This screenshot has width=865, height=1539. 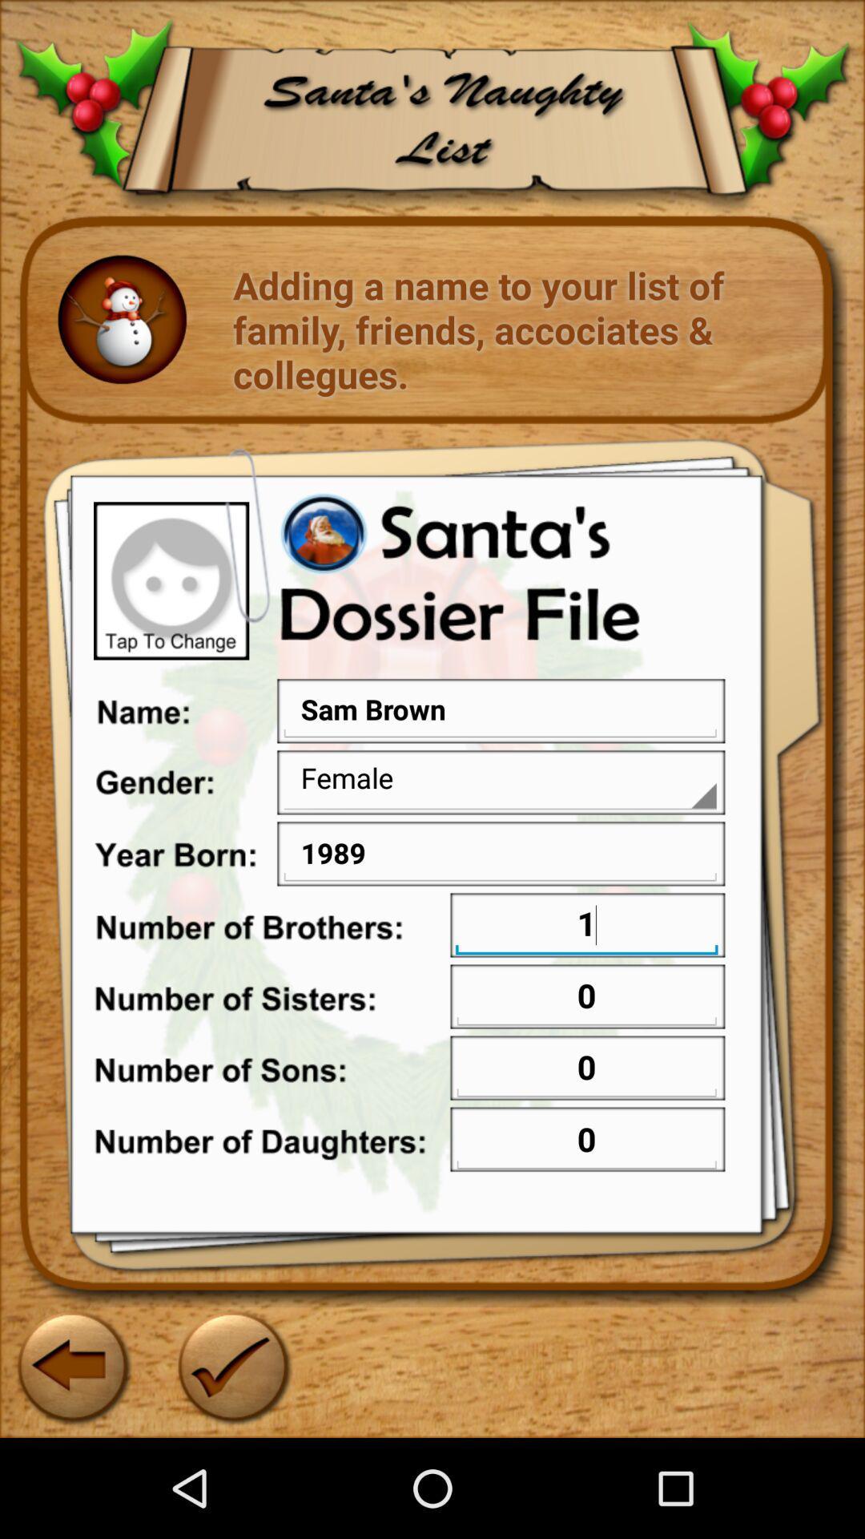 I want to click on the icon above name, so click(x=171, y=580).